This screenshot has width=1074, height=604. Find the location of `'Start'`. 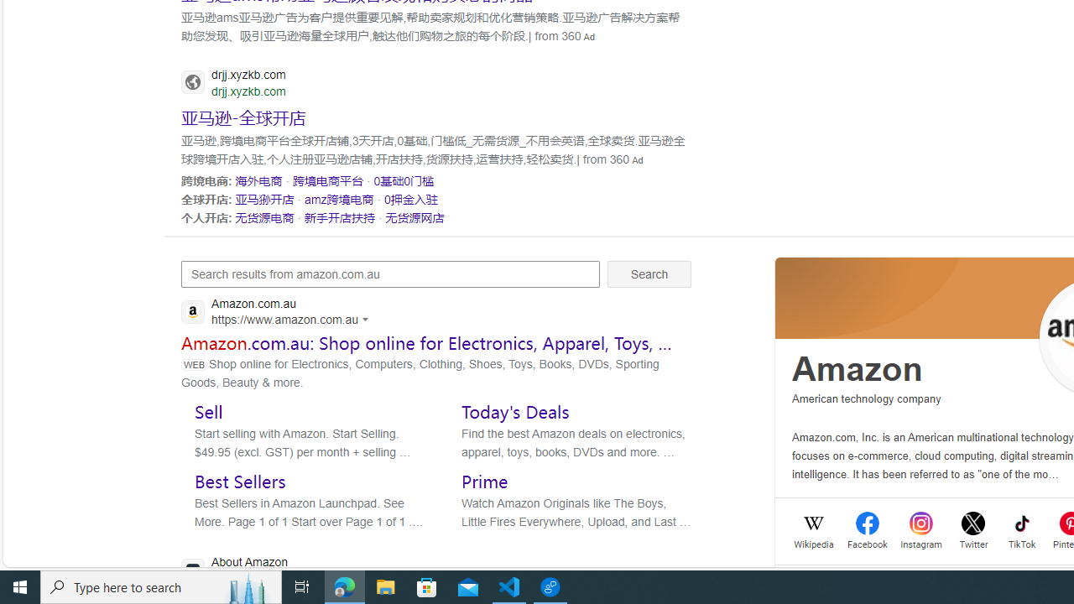

'Start' is located at coordinates (20, 586).